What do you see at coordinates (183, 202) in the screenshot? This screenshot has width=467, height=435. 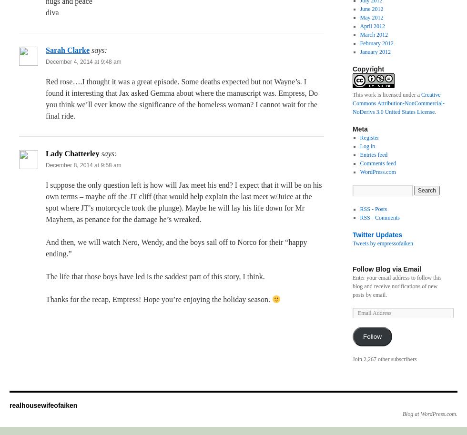 I see `'I suppose the only question left is how will Jax meet his end?  I expect that it will be on his own terms – maybe off the JT cliff (that would help explain the last meet w/Juice at the spot where JT’s motorcycle took the plunge).  Maybe he will lay his life down for Mr Mayhem, as penance for the damage he’s wreaked.'` at bounding box center [183, 202].